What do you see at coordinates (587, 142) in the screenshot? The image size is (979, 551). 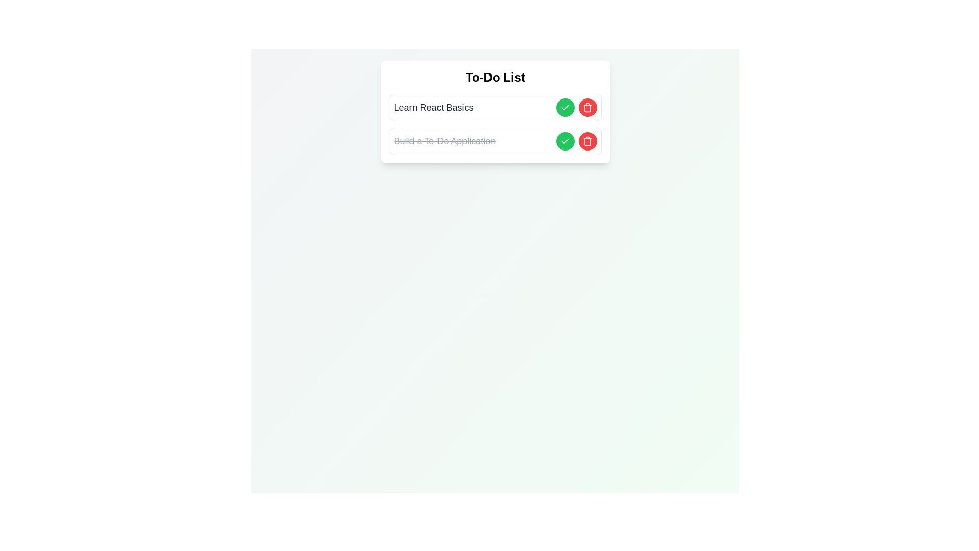 I see `the trash bin icon located on the right side of the list item labeled 'Build a To-Do Application'` at bounding box center [587, 142].